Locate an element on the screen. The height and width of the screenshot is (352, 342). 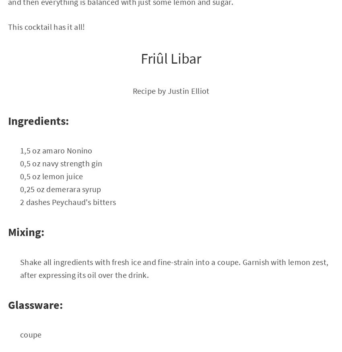
'coupe' is located at coordinates (31, 334).